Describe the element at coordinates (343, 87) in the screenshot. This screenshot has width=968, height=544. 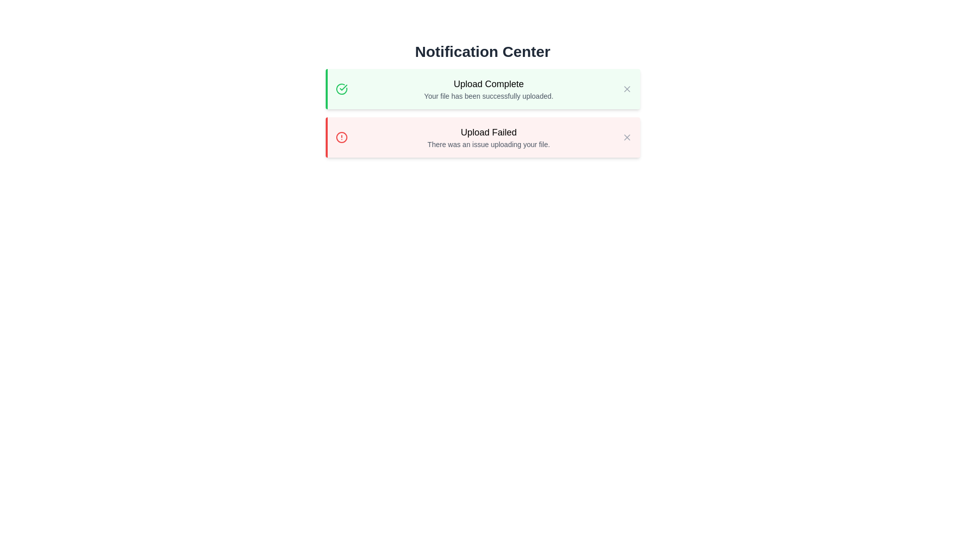
I see `the confirmation icon located in the 'Upload Complete' notification panel, which is styled with a green color and positioned on the left side` at that location.